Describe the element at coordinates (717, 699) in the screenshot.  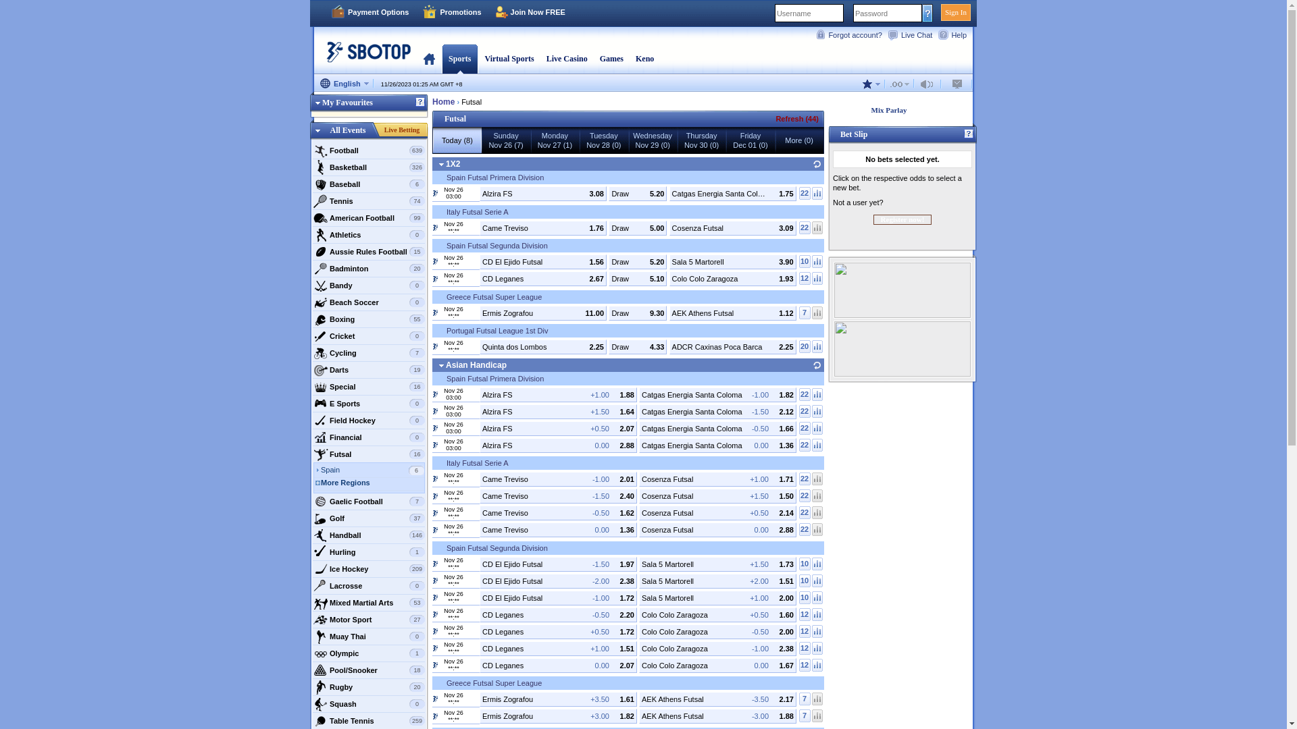
I see `'2.17` at that location.